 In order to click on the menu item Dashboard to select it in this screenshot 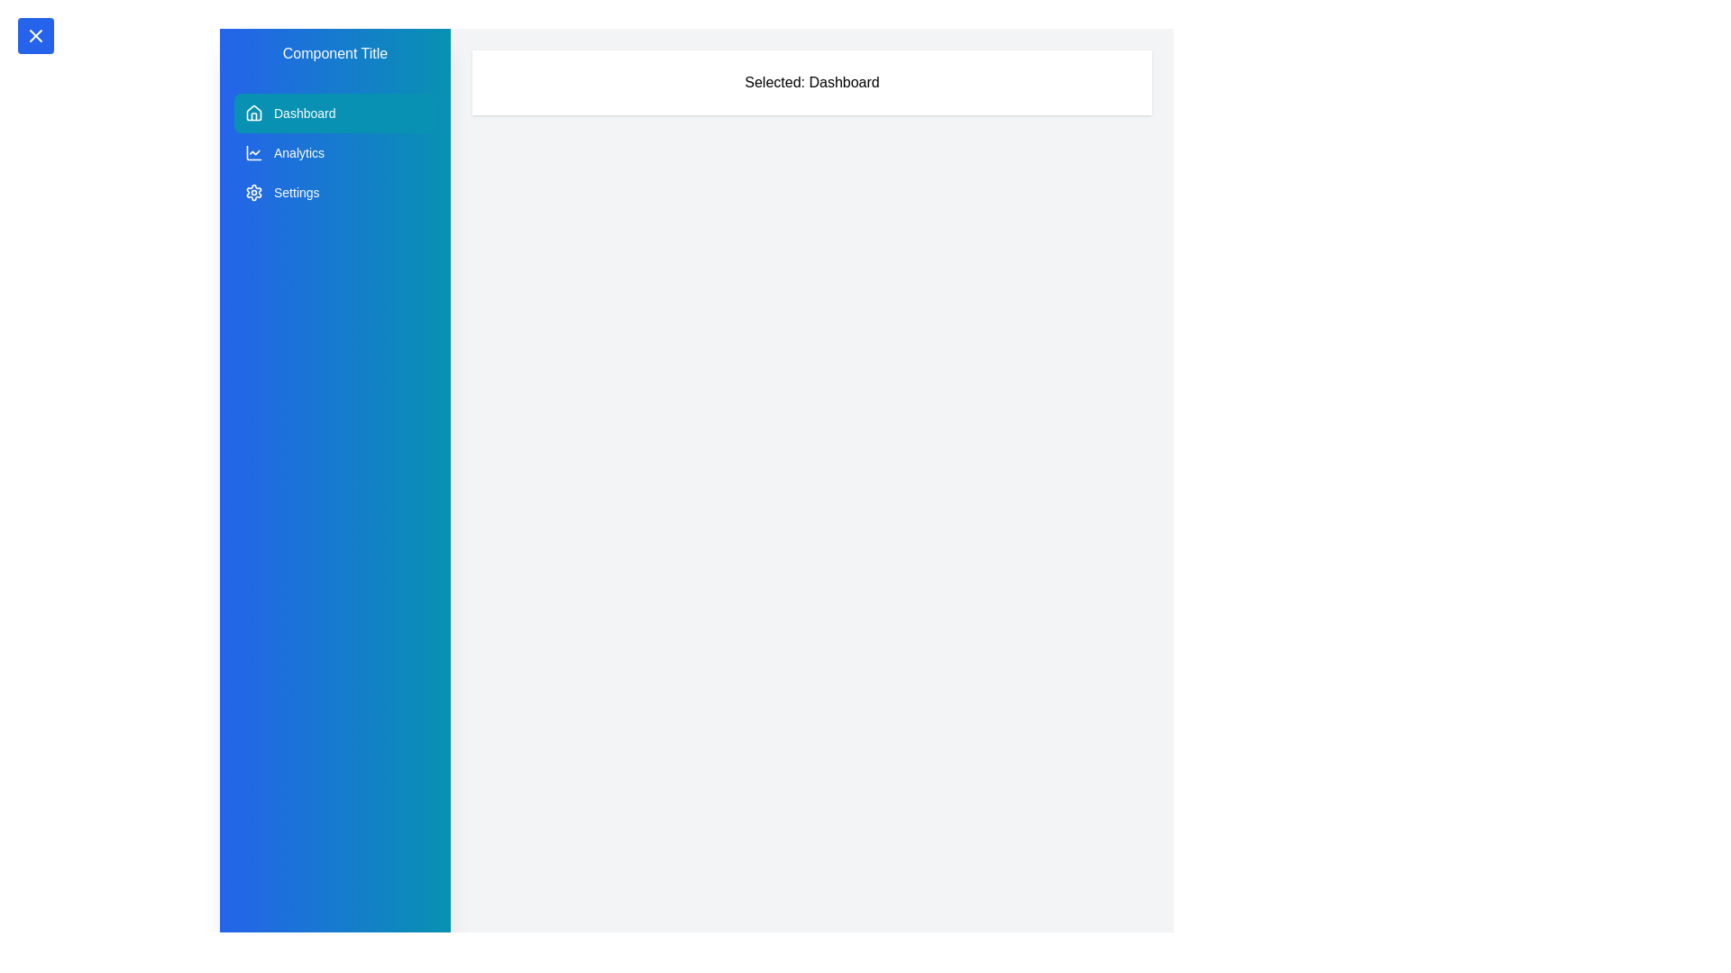, I will do `click(335, 114)`.